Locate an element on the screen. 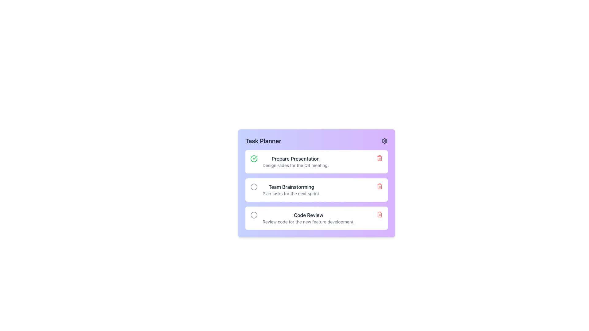 This screenshot has height=331, width=589. the circular checkbox-like element next to 'Team Brainstorming' to mark the task as complete is located at coordinates (254, 186).